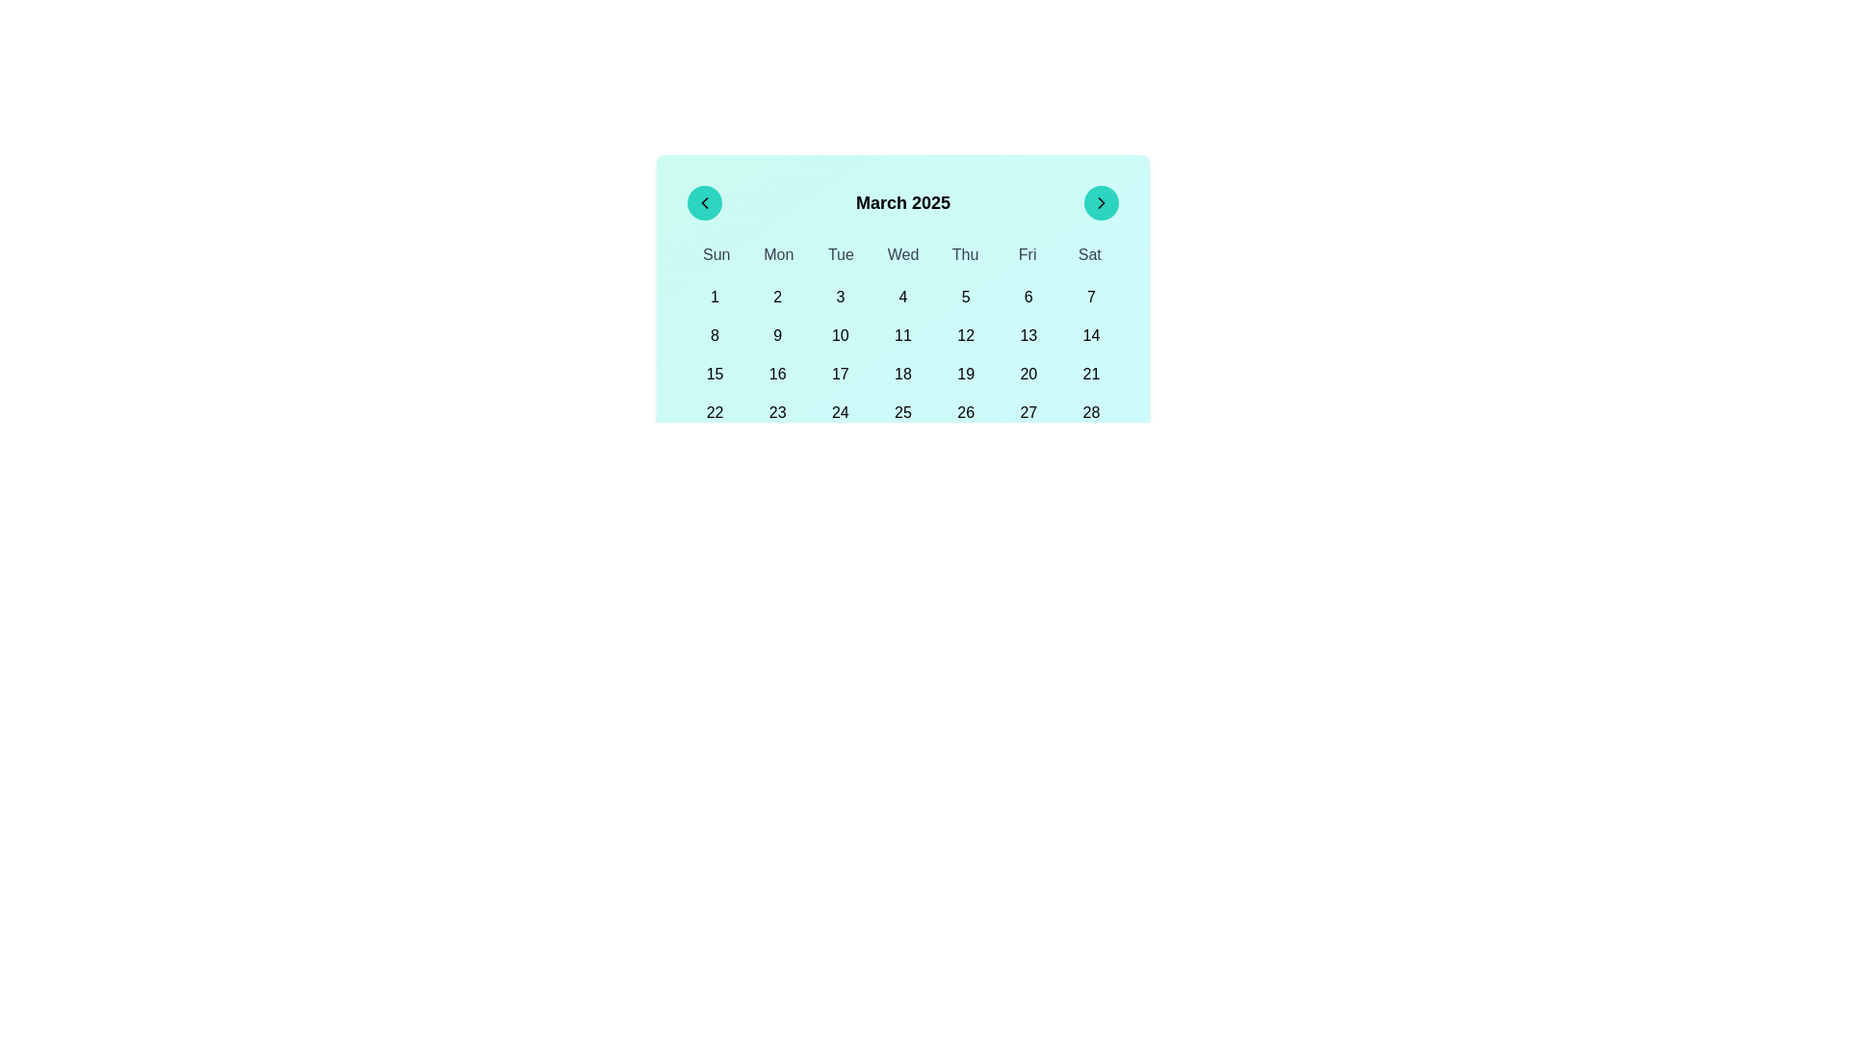  Describe the element at coordinates (714, 411) in the screenshot. I see `the calendar day cell displaying the number '22' in the fourth row and first column of the calendar grid to observe the light cyan hover effect` at that location.